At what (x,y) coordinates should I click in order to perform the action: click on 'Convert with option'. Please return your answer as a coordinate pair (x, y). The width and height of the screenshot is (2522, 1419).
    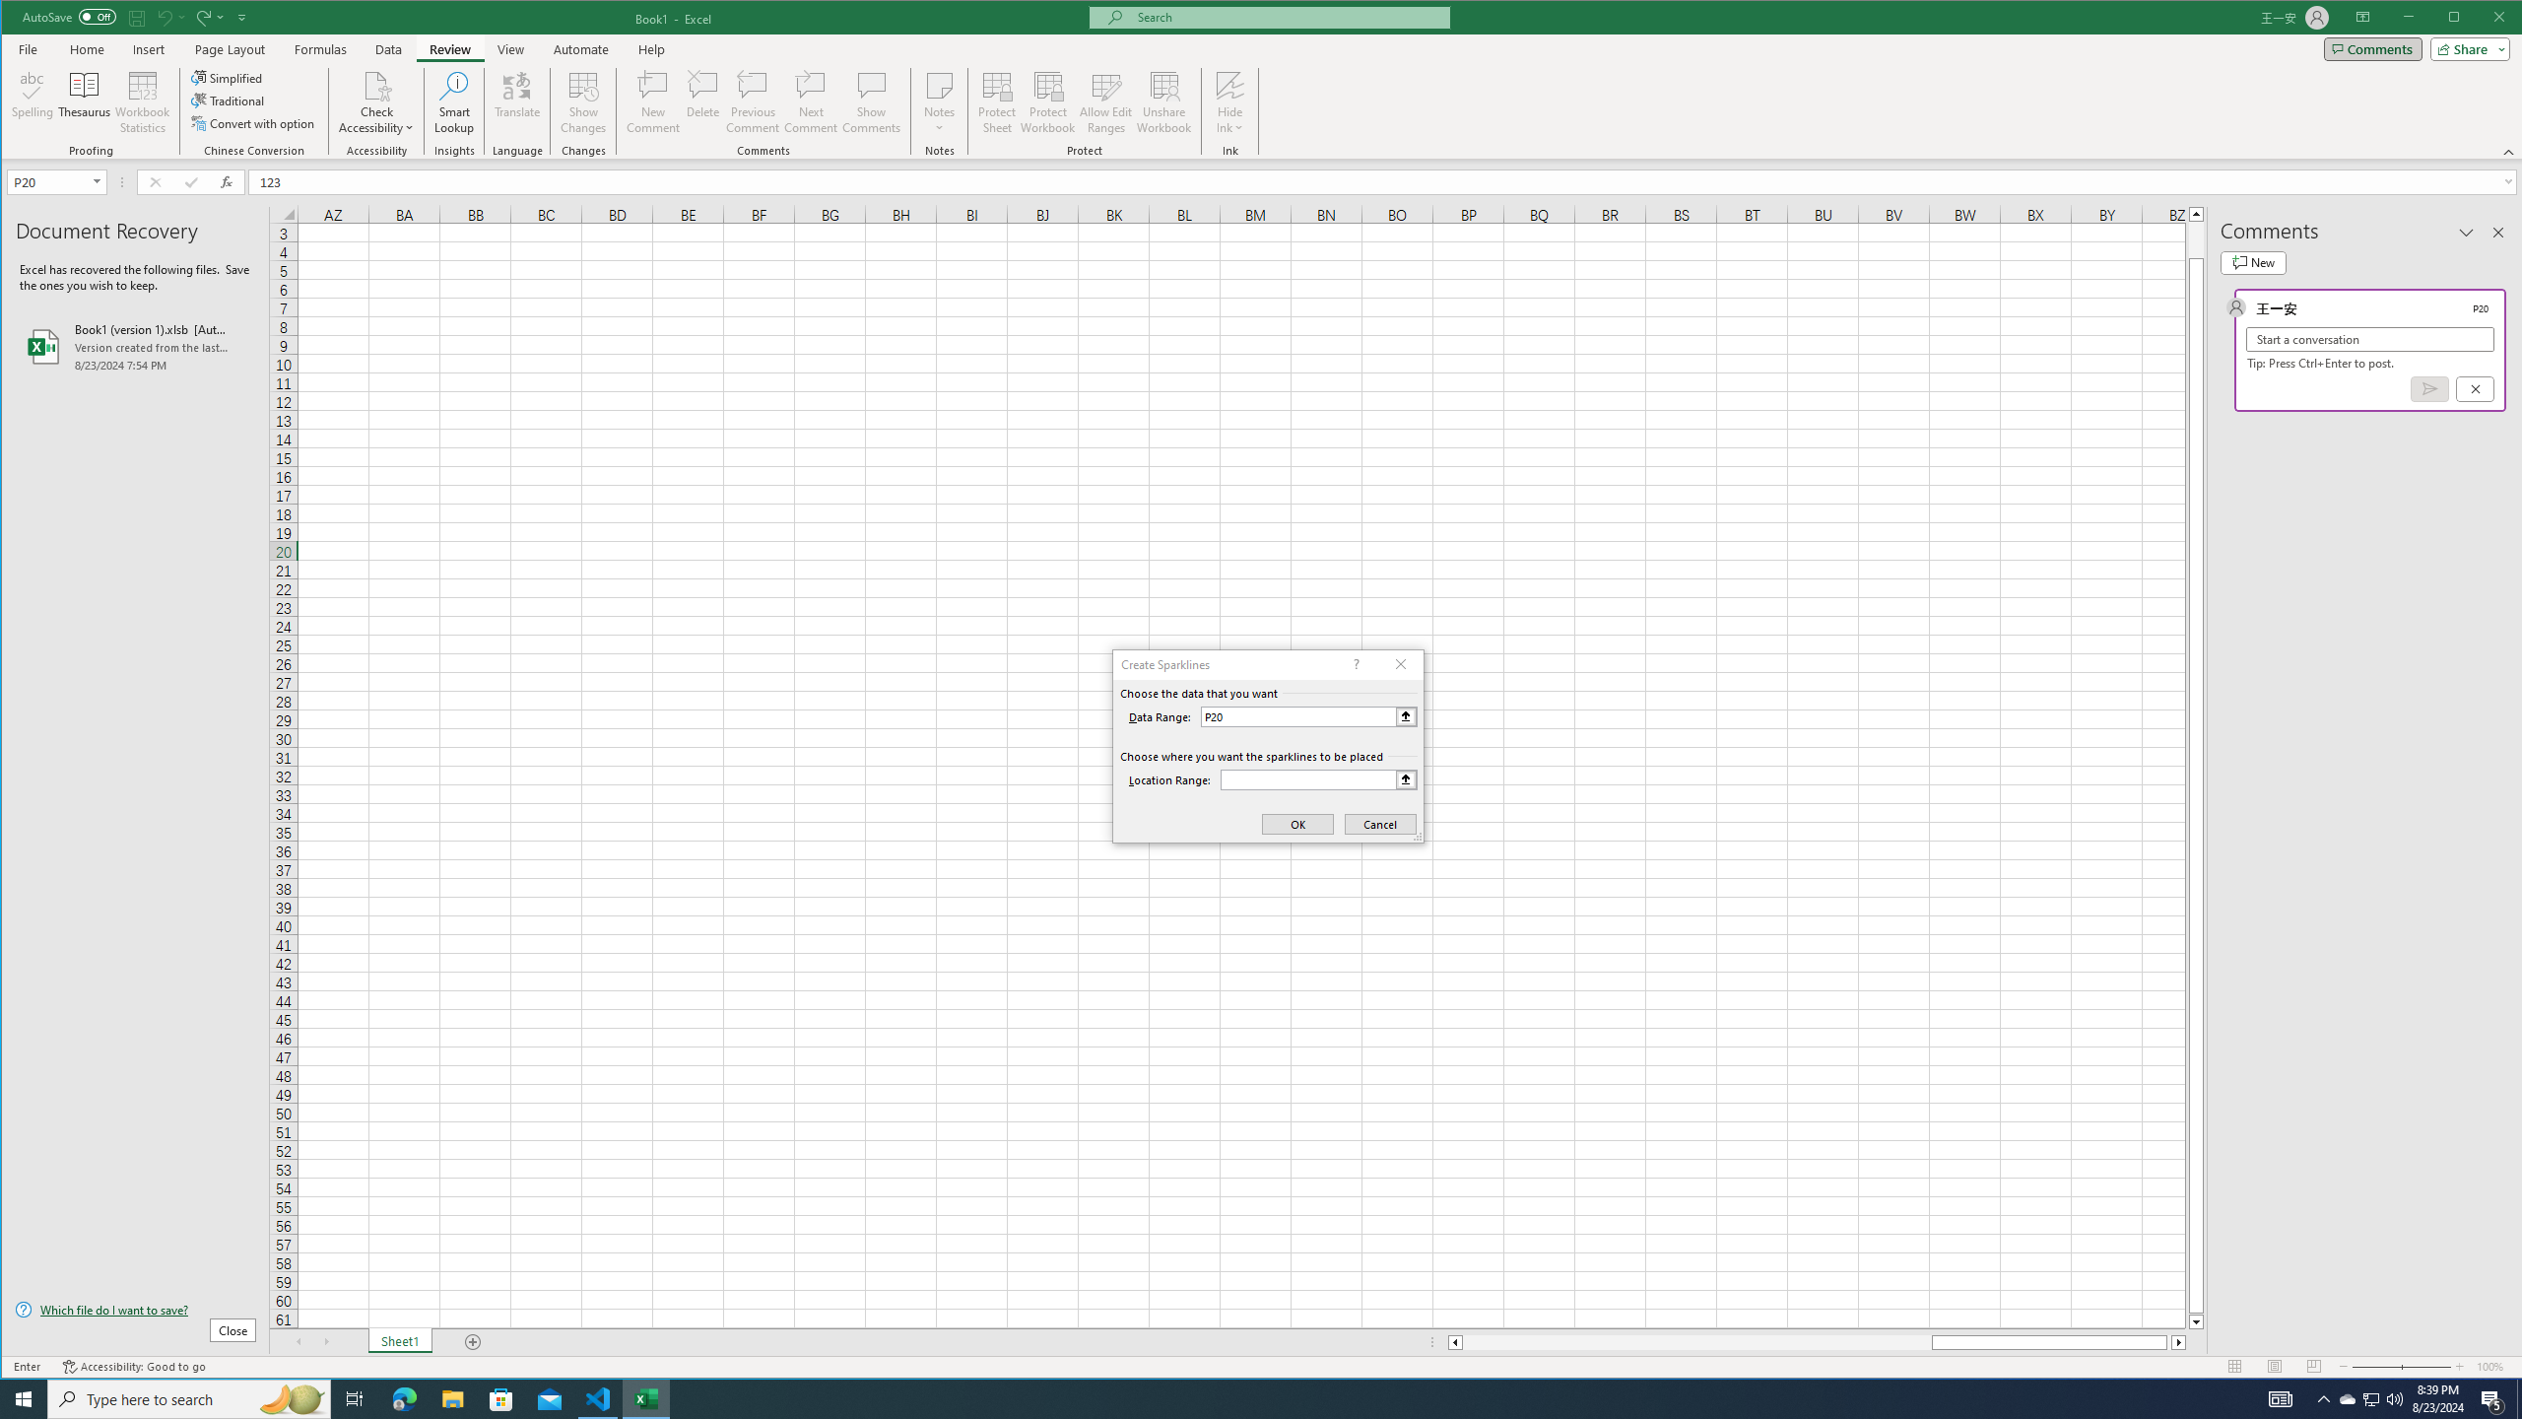
    Looking at the image, I should click on (253, 123).